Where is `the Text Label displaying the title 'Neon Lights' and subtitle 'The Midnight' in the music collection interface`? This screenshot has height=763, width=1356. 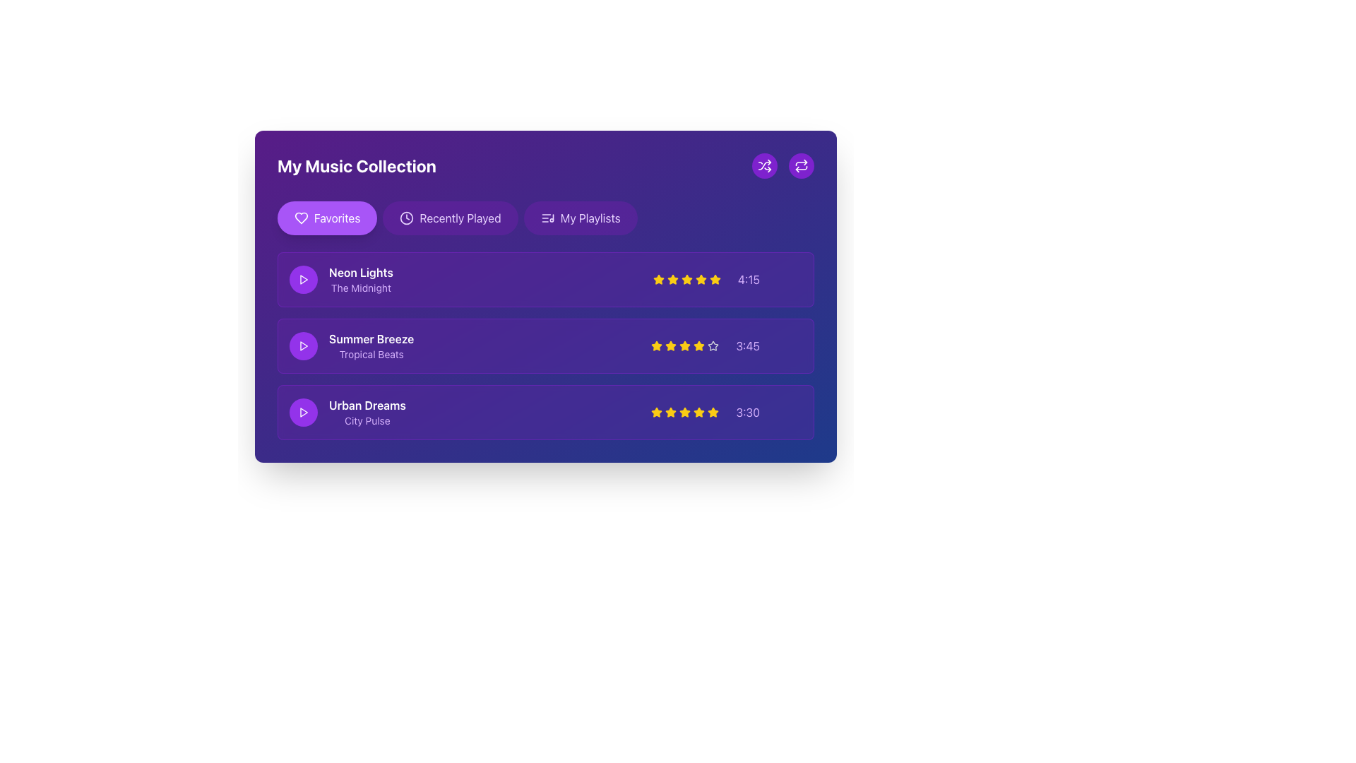 the Text Label displaying the title 'Neon Lights' and subtitle 'The Midnight' in the music collection interface is located at coordinates (361, 280).